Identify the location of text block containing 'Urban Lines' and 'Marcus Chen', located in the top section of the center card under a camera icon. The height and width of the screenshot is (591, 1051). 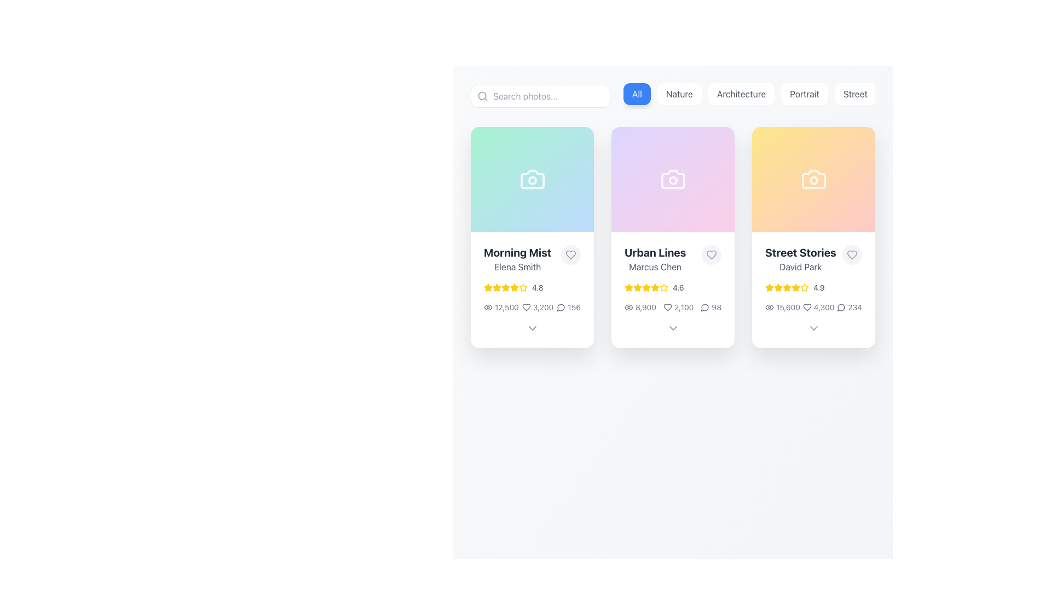
(672, 259).